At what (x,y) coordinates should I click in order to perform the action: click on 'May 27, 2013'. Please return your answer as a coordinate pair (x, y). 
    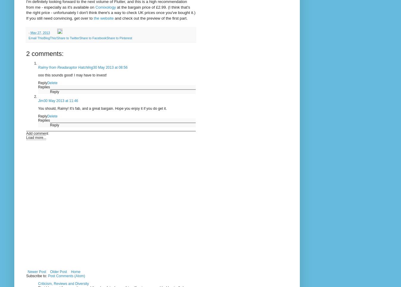
    Looking at the image, I should click on (40, 32).